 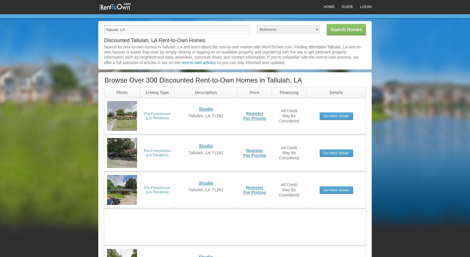 I want to click on 'Financing', so click(x=289, y=92).